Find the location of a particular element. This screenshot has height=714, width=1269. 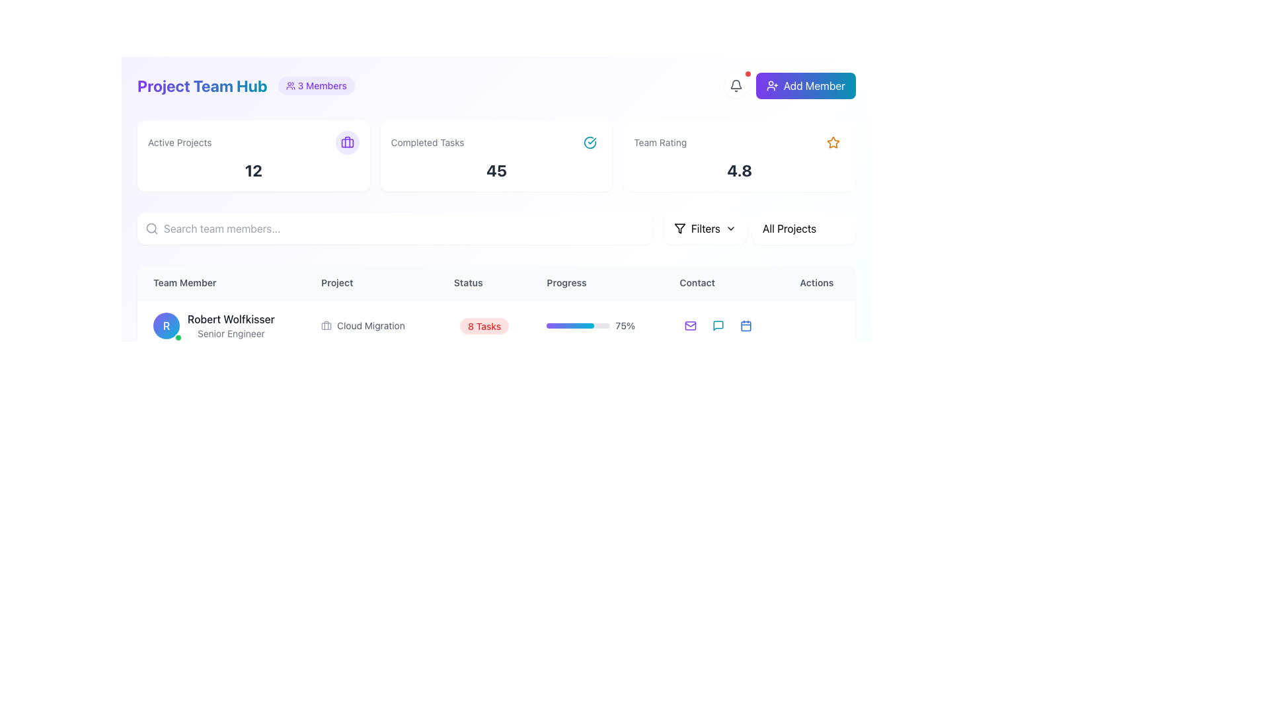

the circular icon button with a light violet background and a violet briefcase icon, located at the top-right corner of the 'Active Projects' section is located at coordinates (347, 143).